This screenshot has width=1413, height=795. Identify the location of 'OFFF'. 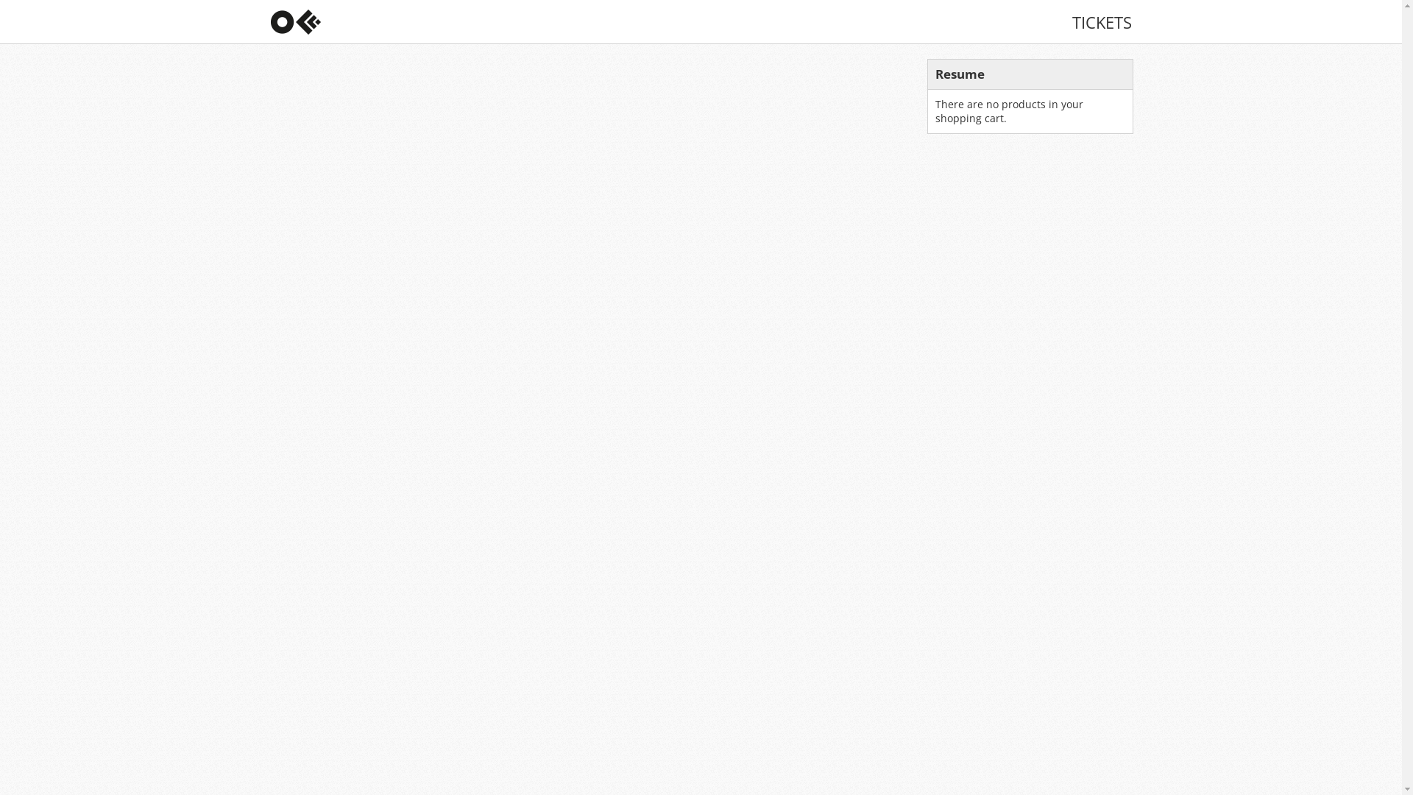
(271, 22).